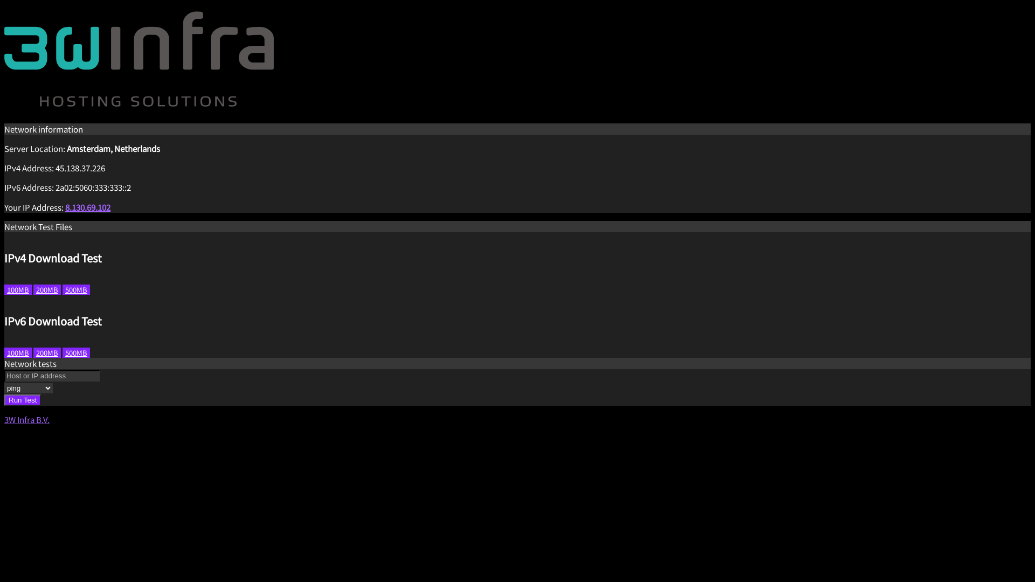 The height and width of the screenshot is (582, 1035). What do you see at coordinates (75, 352) in the screenshot?
I see `'500MB'` at bounding box center [75, 352].